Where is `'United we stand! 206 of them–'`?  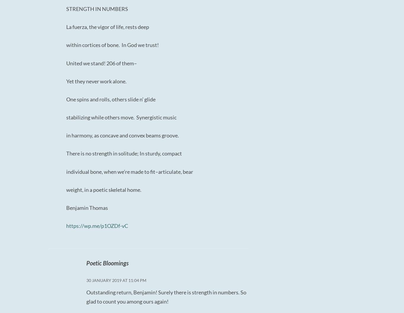 'United we stand! 206 of them–' is located at coordinates (101, 63).